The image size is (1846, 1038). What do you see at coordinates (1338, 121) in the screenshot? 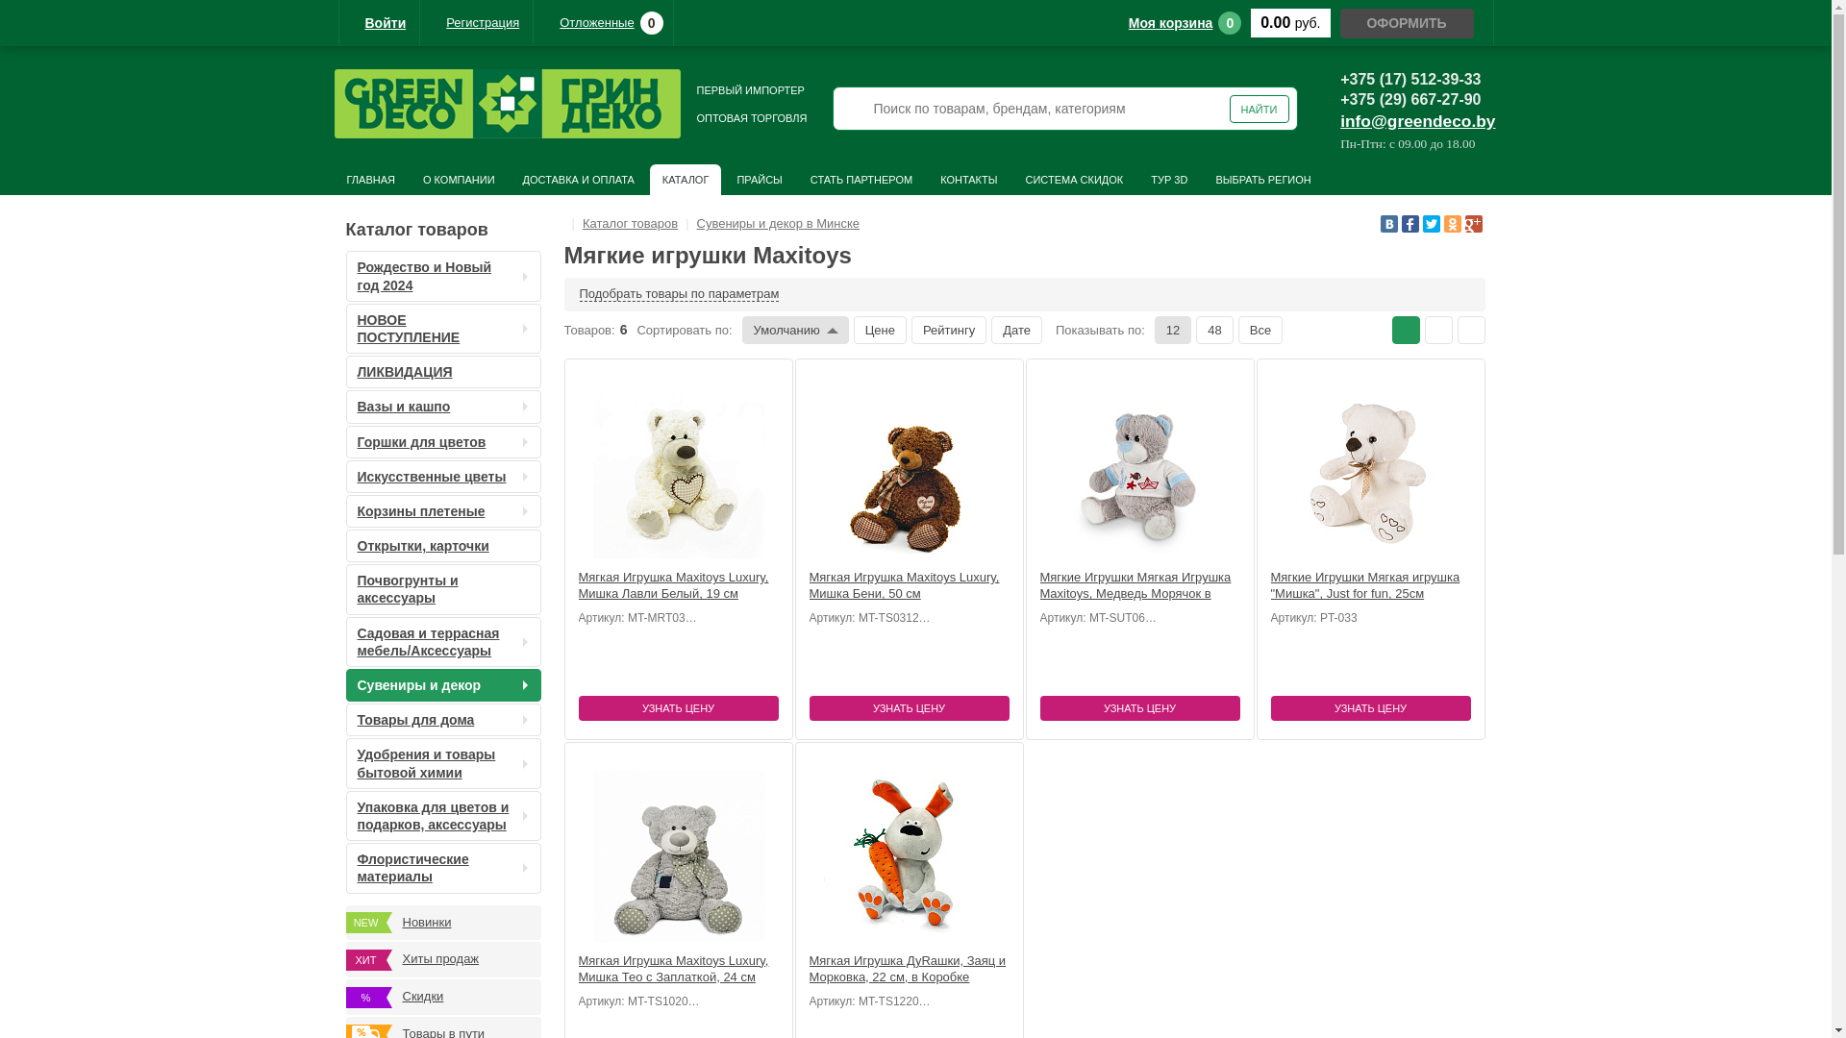
I see `'info@greendeco.by'` at bounding box center [1338, 121].